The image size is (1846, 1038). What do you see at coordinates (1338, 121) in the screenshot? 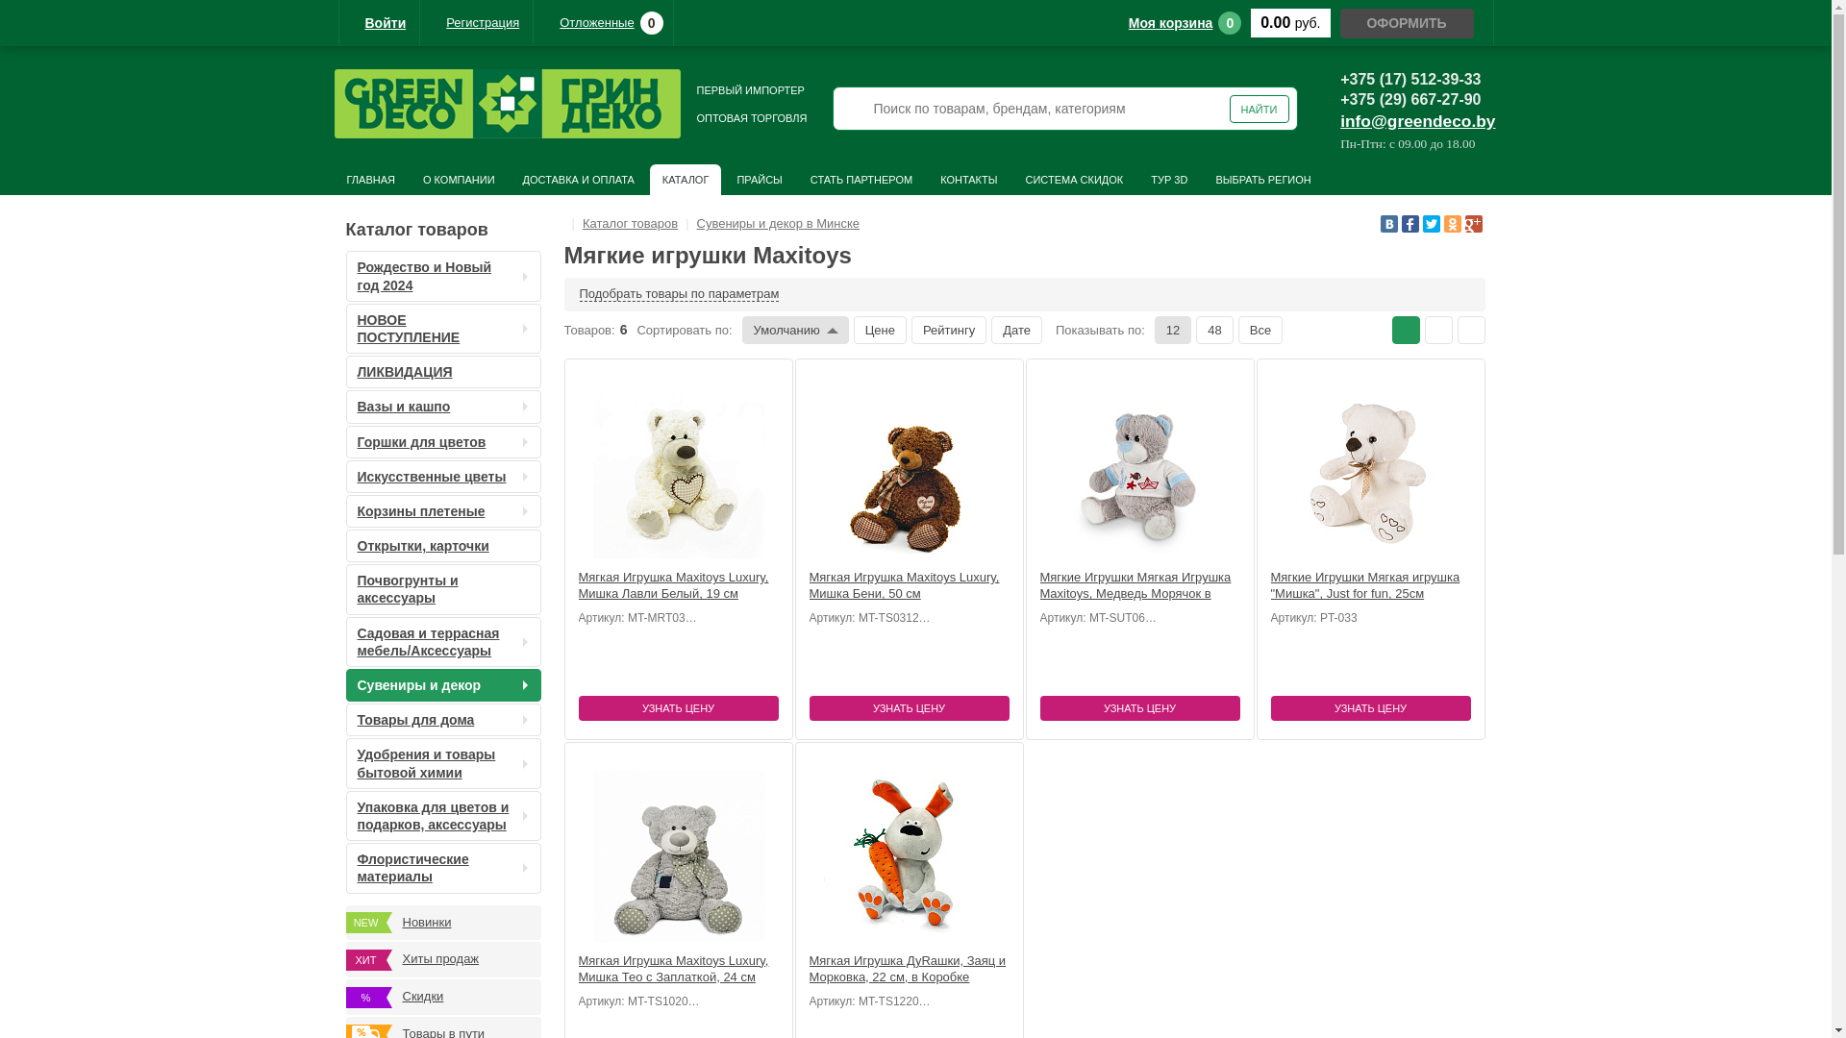
I see `'info@greendeco.by'` at bounding box center [1338, 121].